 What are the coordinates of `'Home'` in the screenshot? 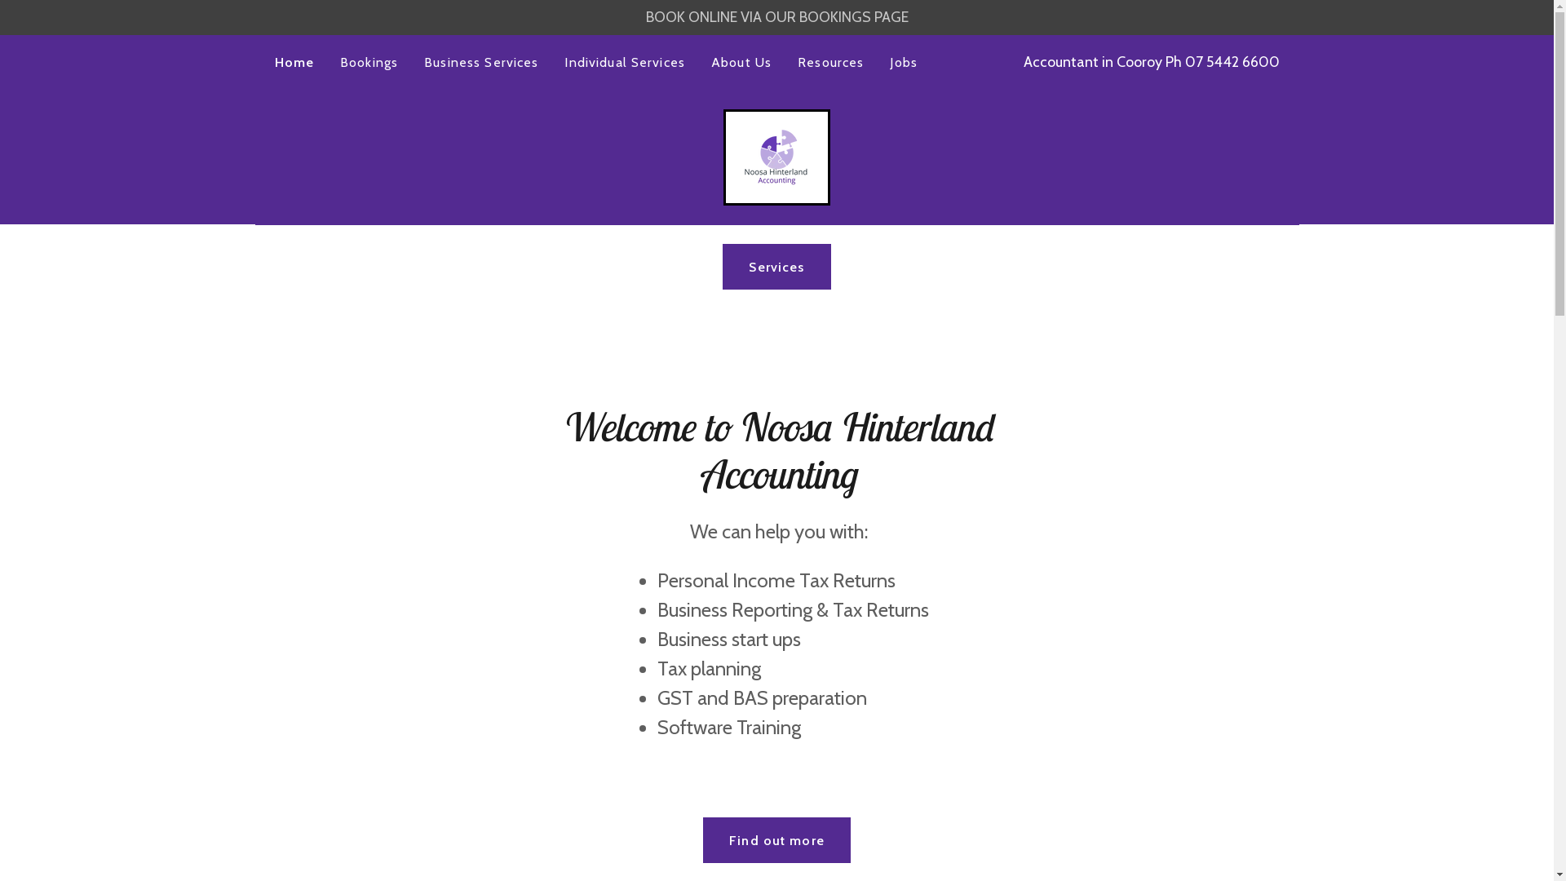 It's located at (294, 61).